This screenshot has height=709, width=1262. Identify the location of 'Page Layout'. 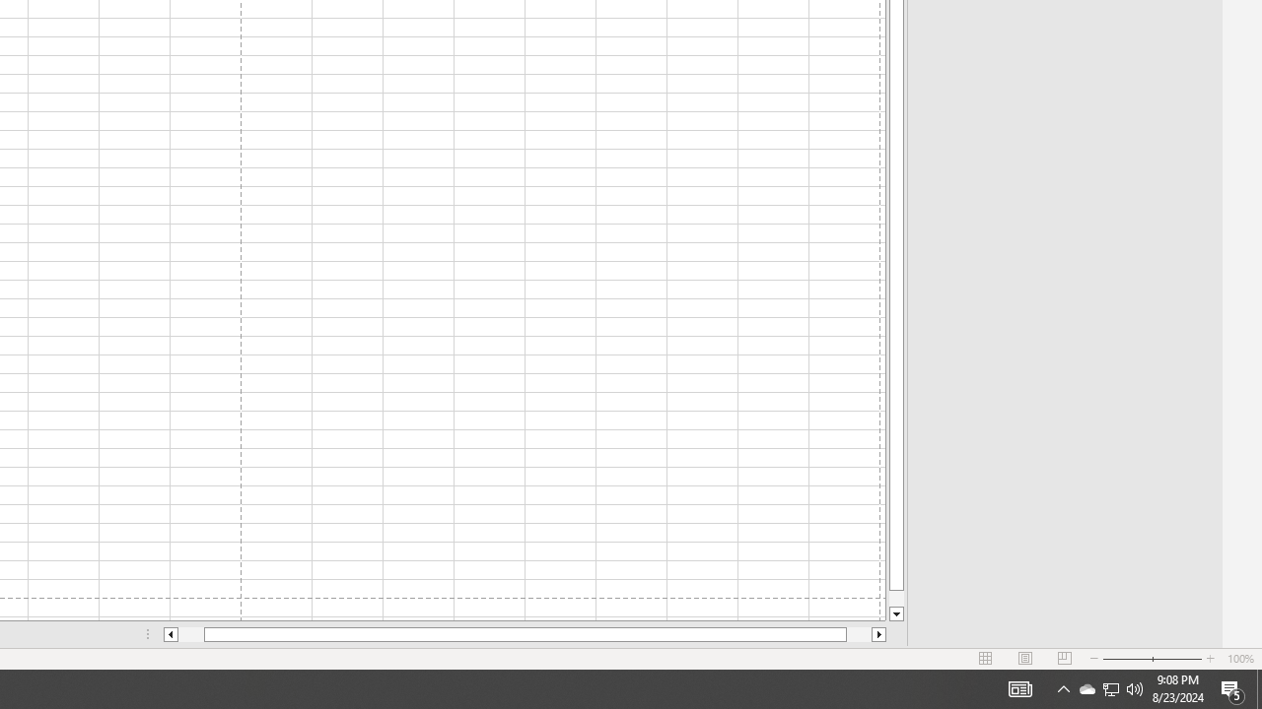
(1025, 659).